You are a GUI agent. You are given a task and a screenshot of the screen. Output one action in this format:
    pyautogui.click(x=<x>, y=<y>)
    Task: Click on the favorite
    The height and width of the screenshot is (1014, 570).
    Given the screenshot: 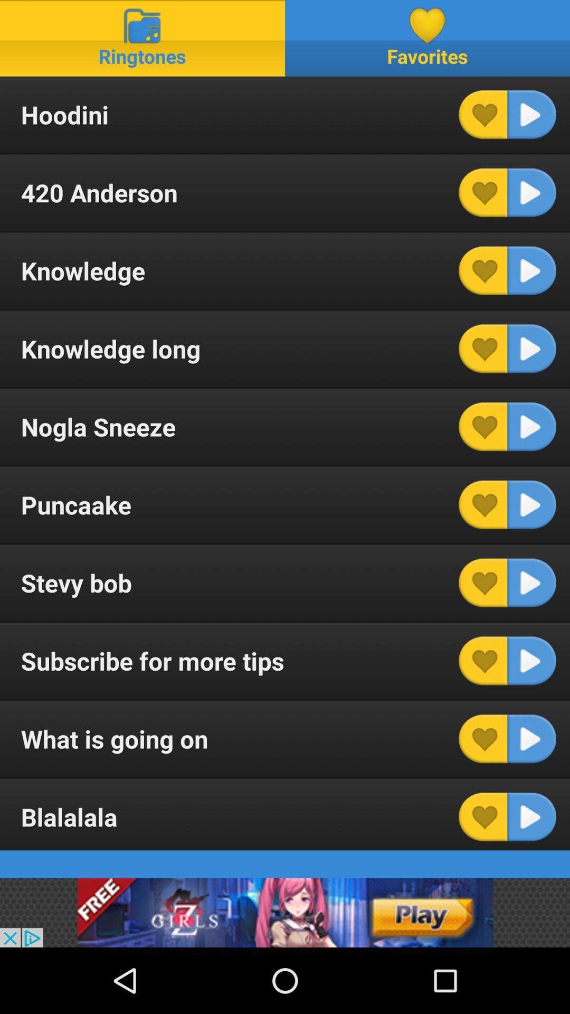 What is the action you would take?
    pyautogui.click(x=483, y=738)
    